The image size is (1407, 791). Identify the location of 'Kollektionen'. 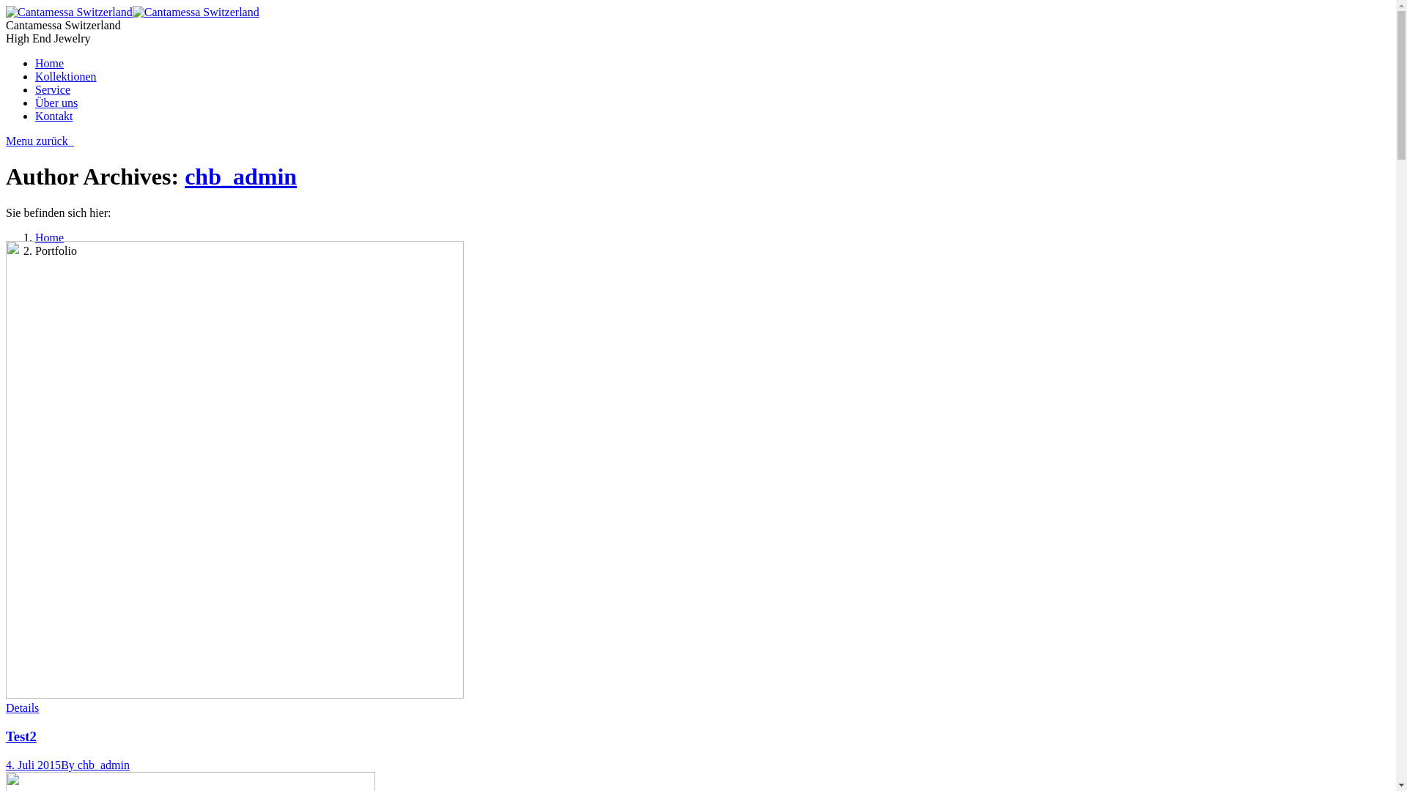
(65, 76).